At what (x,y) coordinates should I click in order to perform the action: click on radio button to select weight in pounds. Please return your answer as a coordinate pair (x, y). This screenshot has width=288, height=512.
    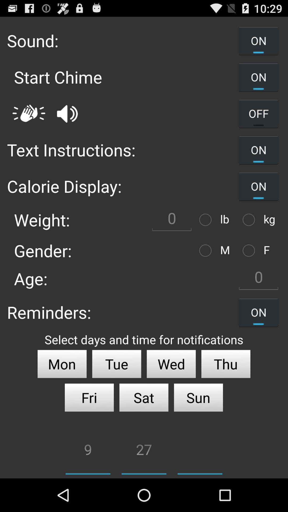
    Looking at the image, I should click on (206, 220).